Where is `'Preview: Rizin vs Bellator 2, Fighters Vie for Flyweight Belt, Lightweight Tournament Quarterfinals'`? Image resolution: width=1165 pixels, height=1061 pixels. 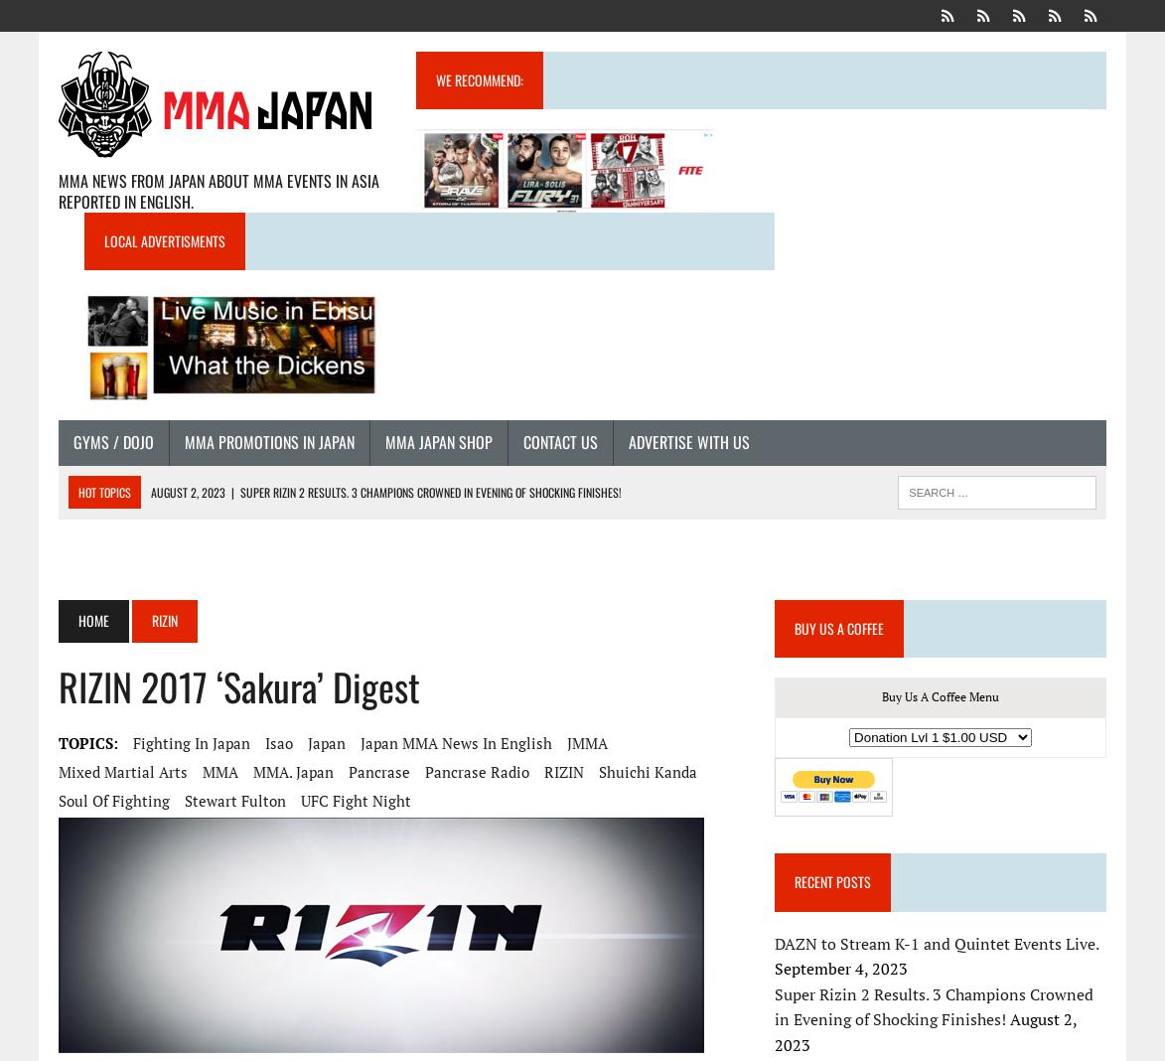 'Preview: Rizin vs Bellator 2, Fighters Vie for Flyweight Belt, Lightweight Tournament Quarterfinals' is located at coordinates (405, 555).